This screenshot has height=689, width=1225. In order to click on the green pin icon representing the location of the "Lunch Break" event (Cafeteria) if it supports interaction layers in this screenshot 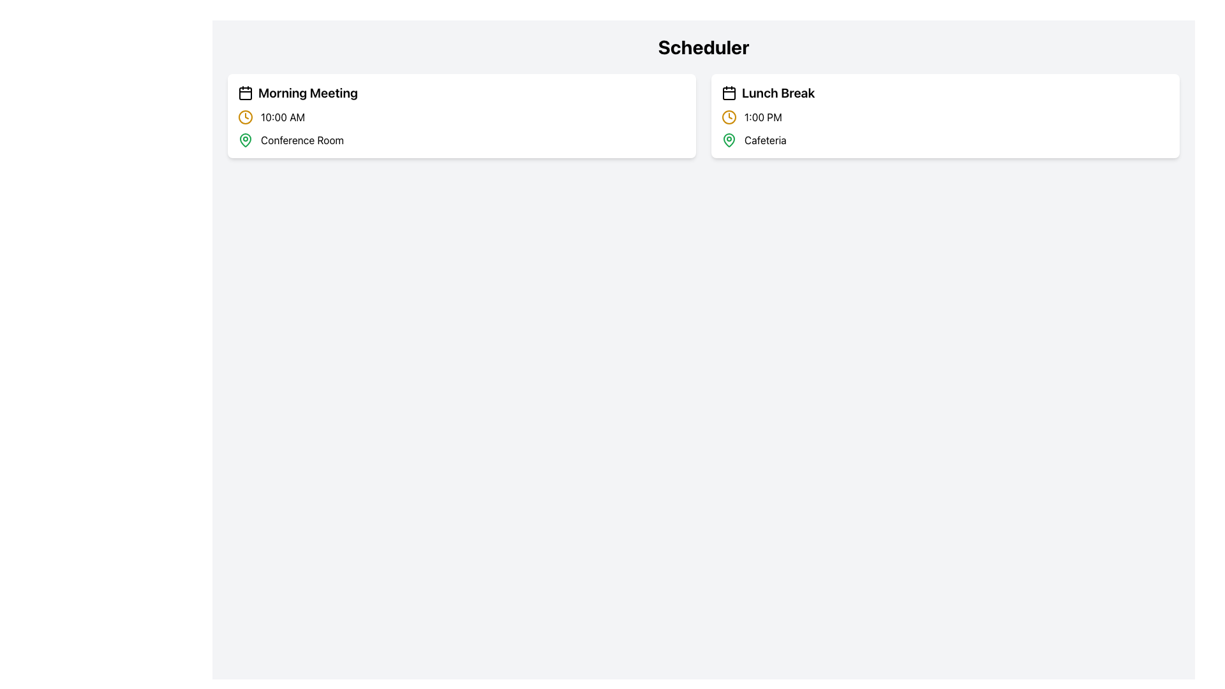, I will do `click(729, 140)`.